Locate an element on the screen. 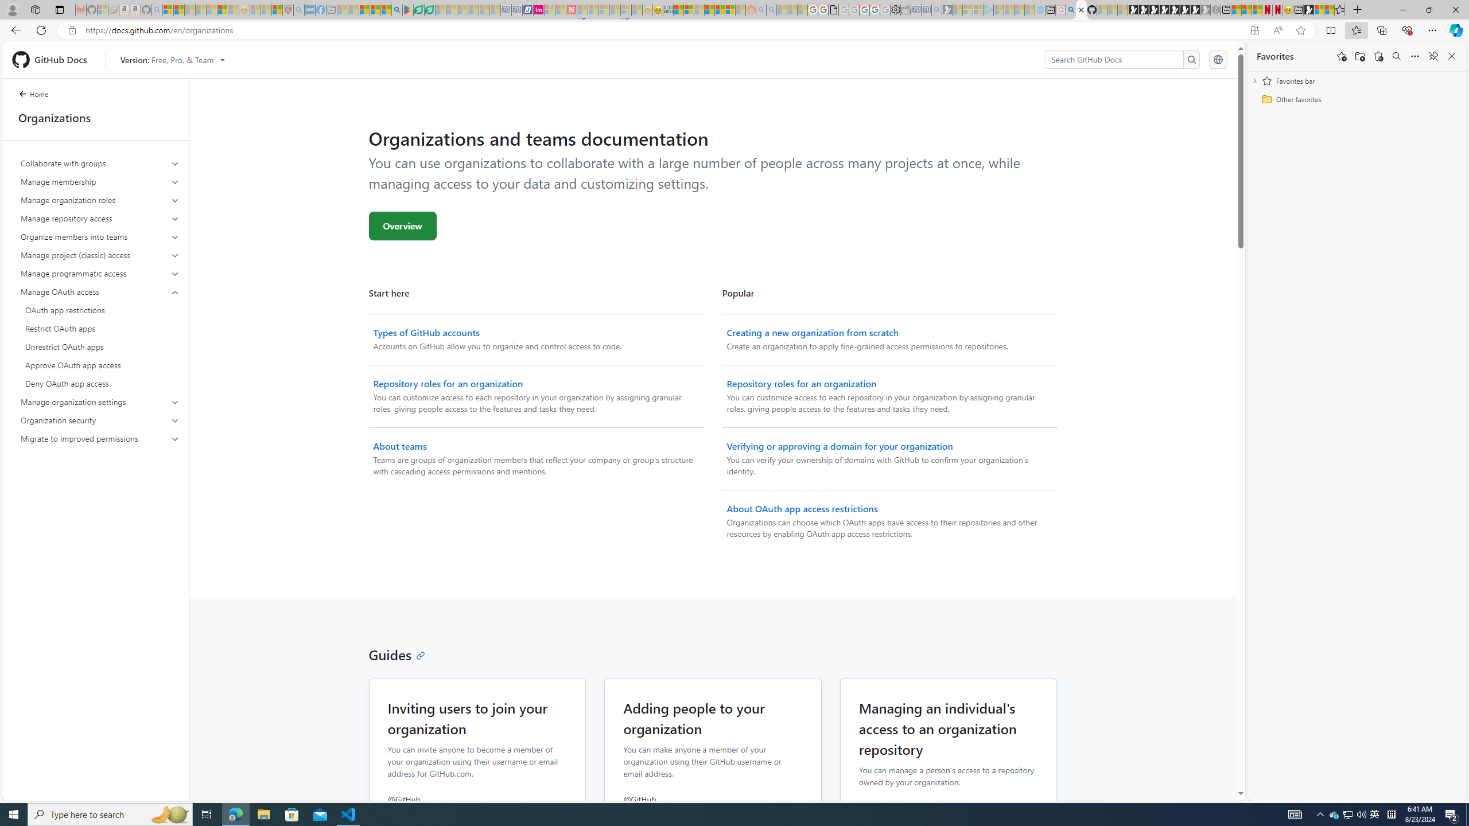  'Deny OAuth app access' is located at coordinates (100, 383).